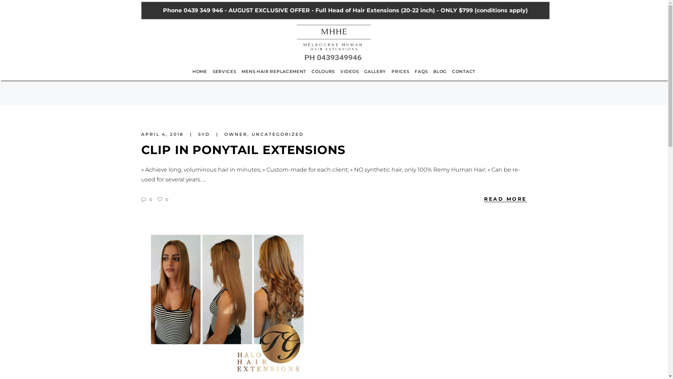 This screenshot has width=673, height=379. What do you see at coordinates (190, 76) in the screenshot?
I see `'HOME'` at bounding box center [190, 76].